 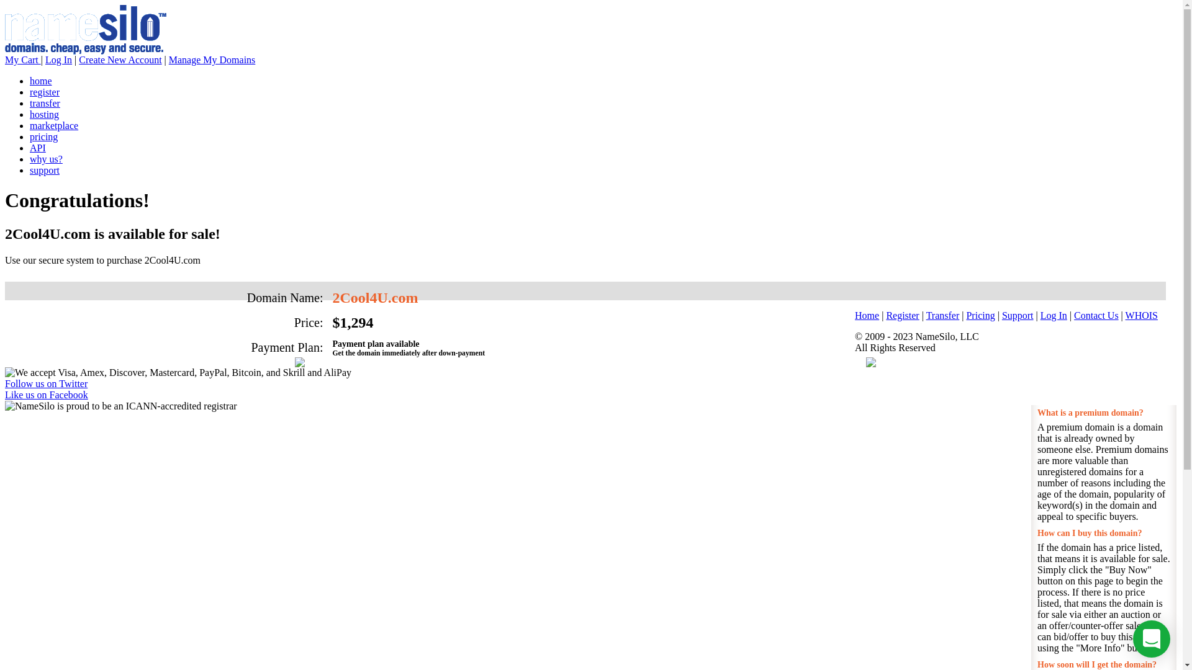 What do you see at coordinates (902, 315) in the screenshot?
I see `'Register'` at bounding box center [902, 315].